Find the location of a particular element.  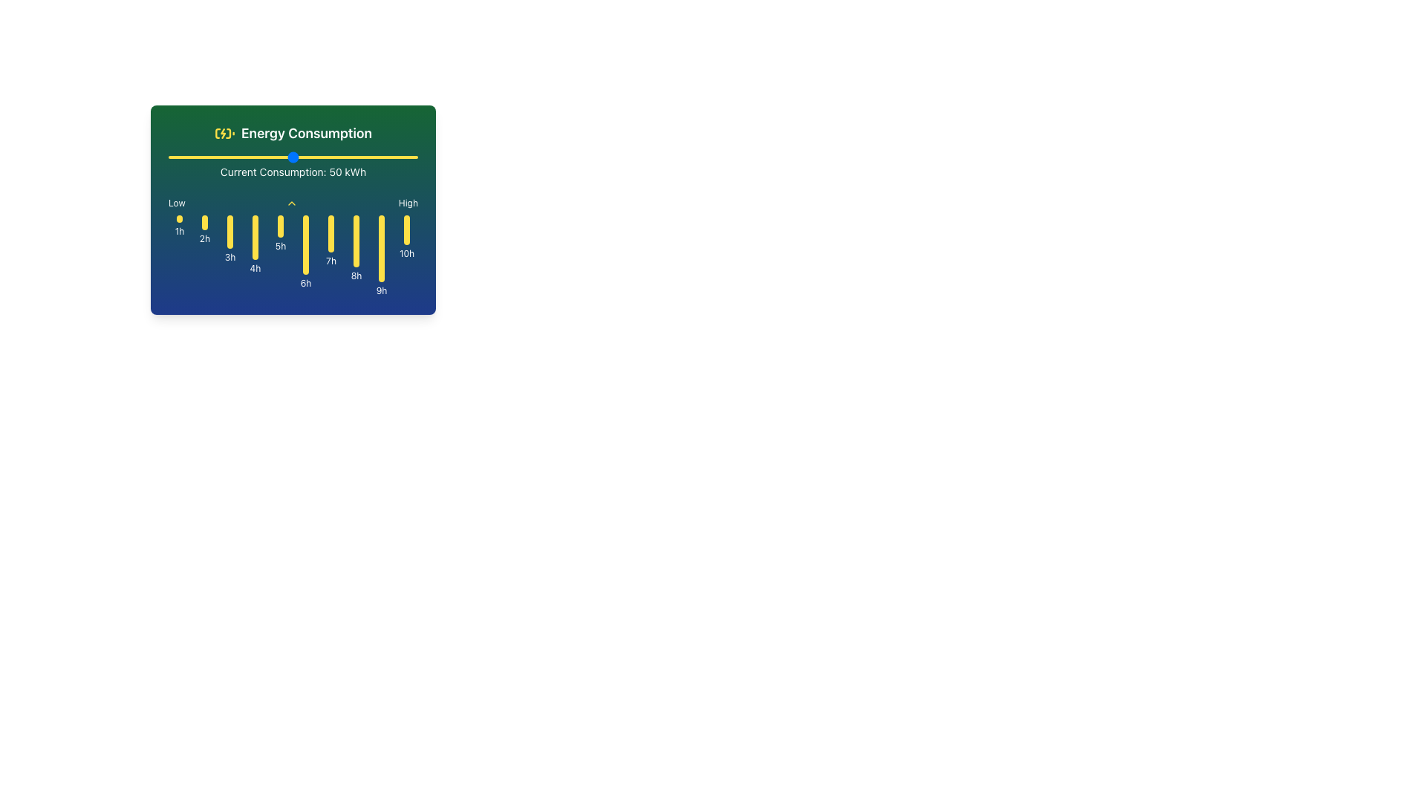

the last vertical bar in the bar chart representing a 10-hour time interval, located below the 'High' label is located at coordinates (406, 255).